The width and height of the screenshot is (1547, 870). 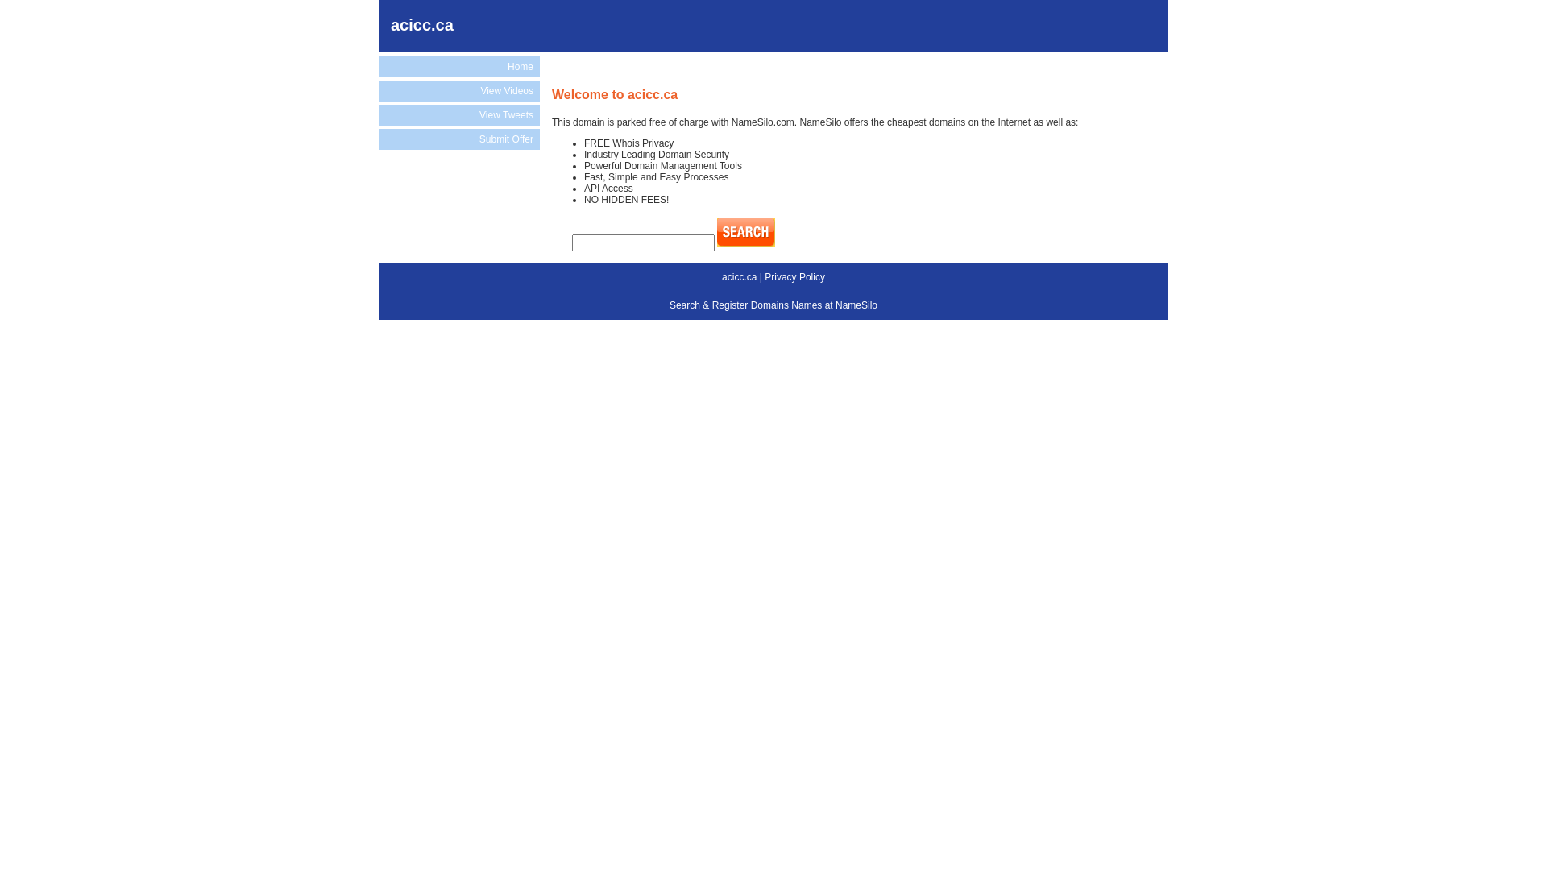 I want to click on 'Submit Offer', so click(x=458, y=139).